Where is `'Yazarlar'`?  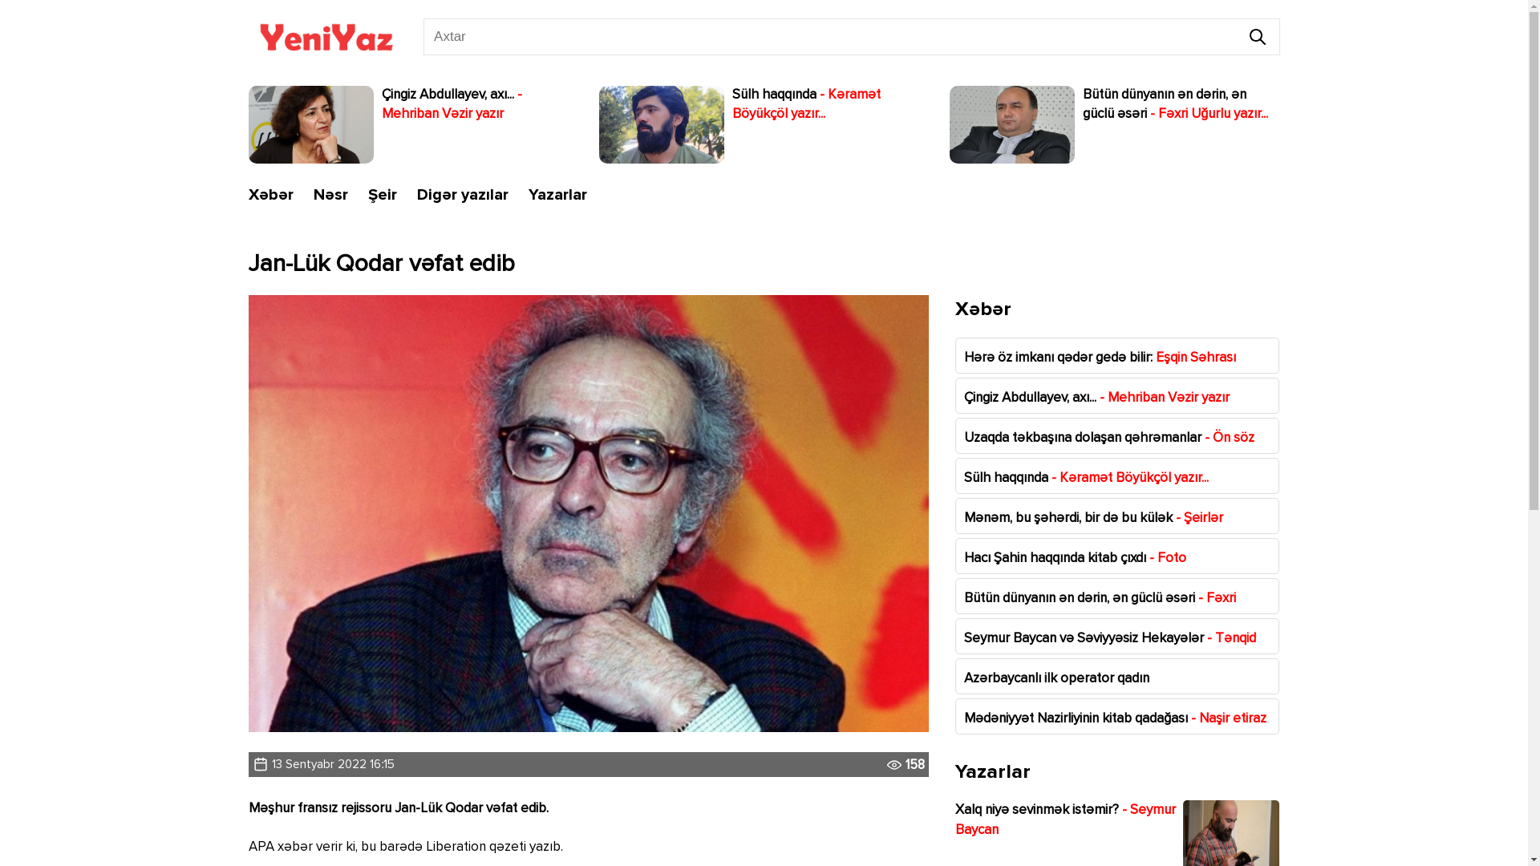
'Yazarlar' is located at coordinates (557, 194).